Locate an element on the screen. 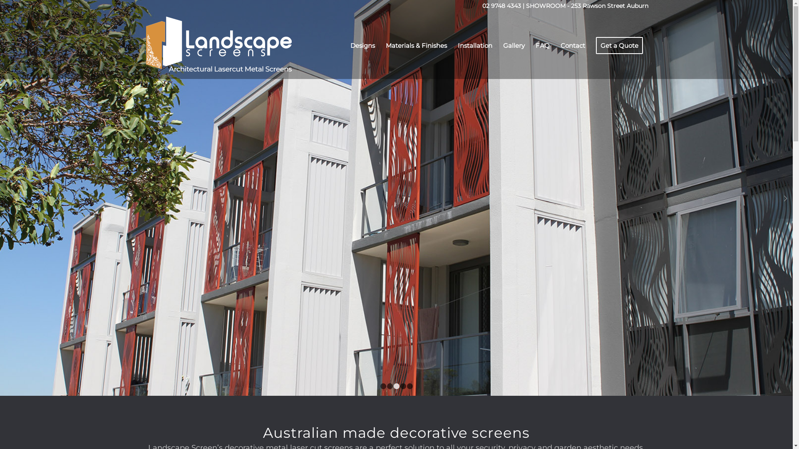 The width and height of the screenshot is (799, 449). '5' is located at coordinates (409, 386).